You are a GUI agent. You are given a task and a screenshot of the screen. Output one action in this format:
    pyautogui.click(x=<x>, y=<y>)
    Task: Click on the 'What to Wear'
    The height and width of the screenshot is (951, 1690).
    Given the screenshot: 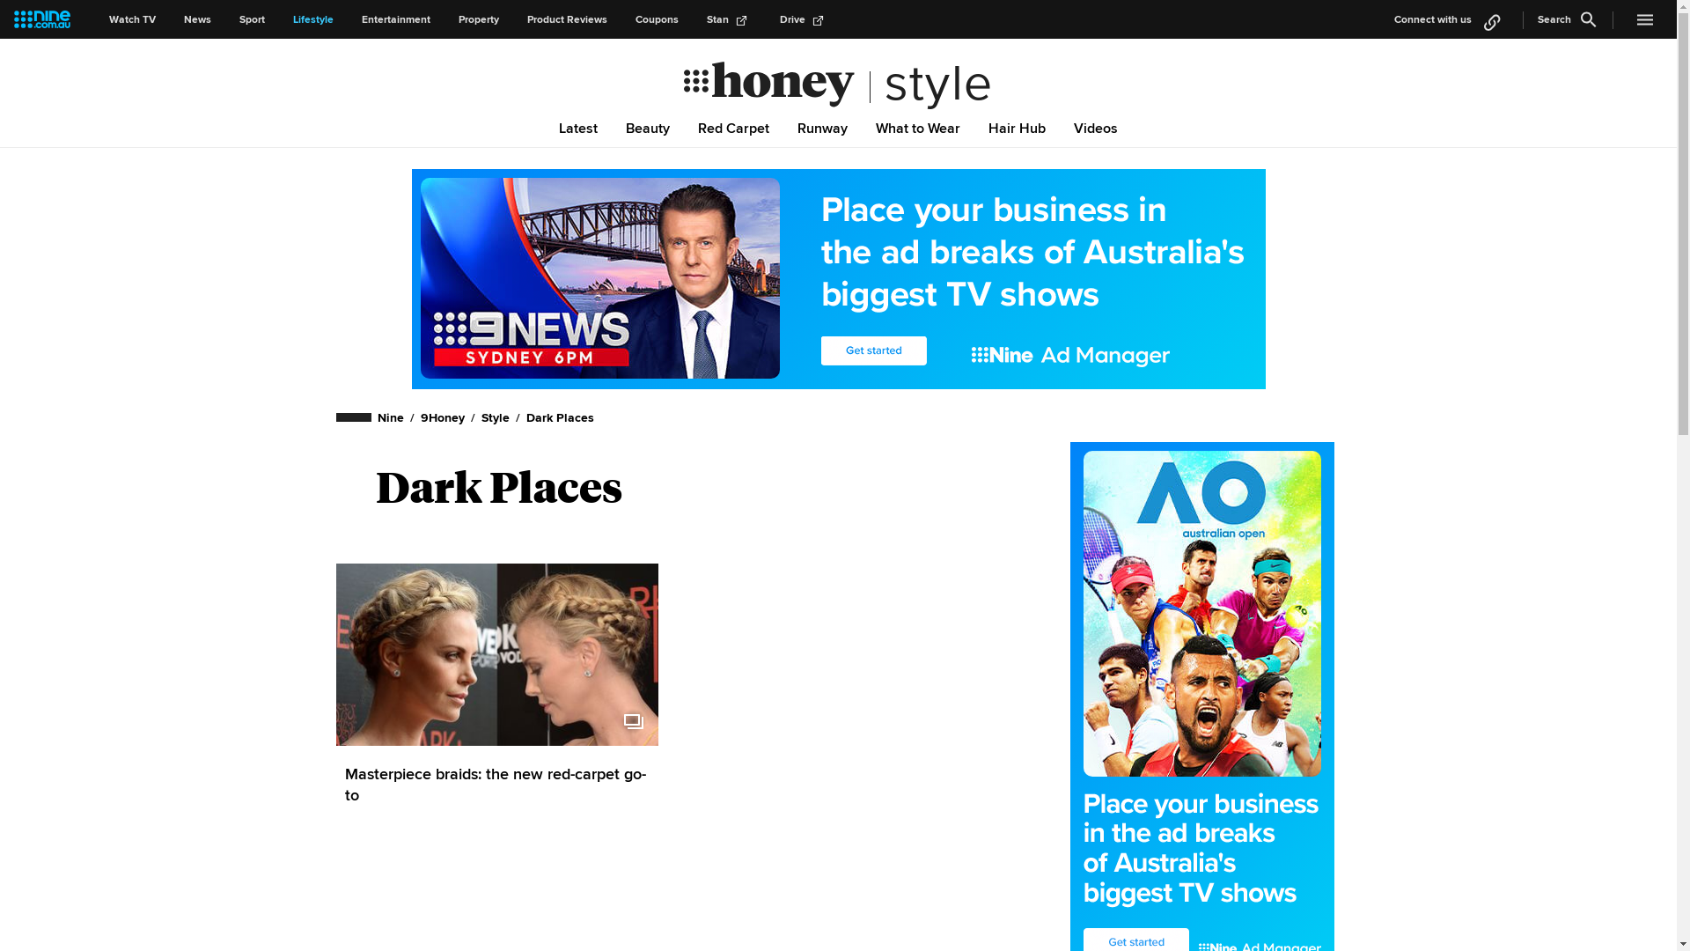 What is the action you would take?
    pyautogui.click(x=916, y=127)
    